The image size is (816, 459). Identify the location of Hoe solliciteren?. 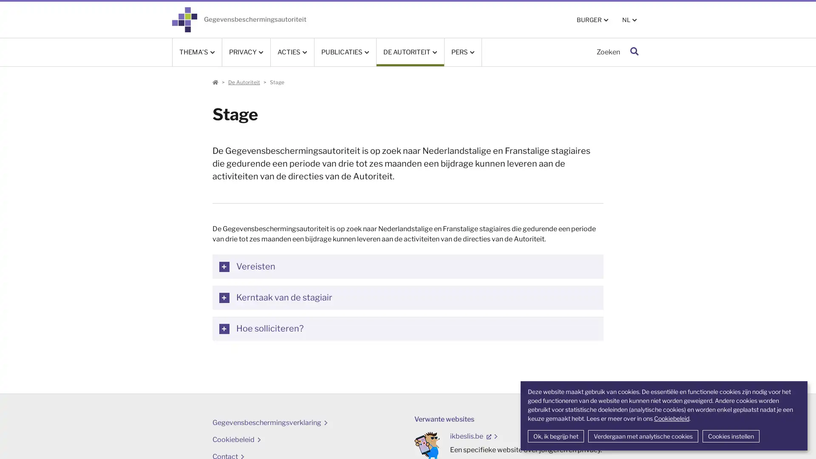
(407, 328).